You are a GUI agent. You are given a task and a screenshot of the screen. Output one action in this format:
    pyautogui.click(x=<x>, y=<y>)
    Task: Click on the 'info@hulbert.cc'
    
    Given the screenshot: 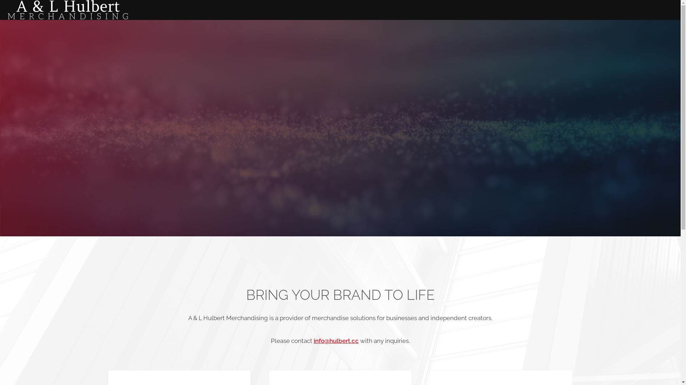 What is the action you would take?
    pyautogui.click(x=335, y=340)
    